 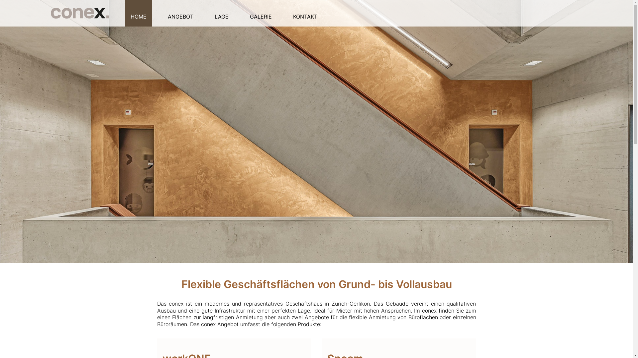 I want to click on 'KONTAKT', so click(x=305, y=13).